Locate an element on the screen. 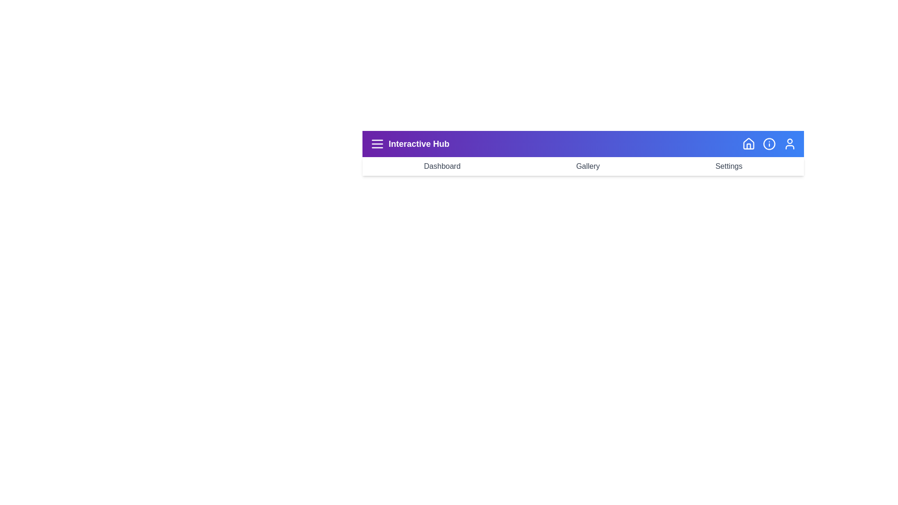  the navigation button labeled Settings to navigate to the corresponding page is located at coordinates (728, 166).